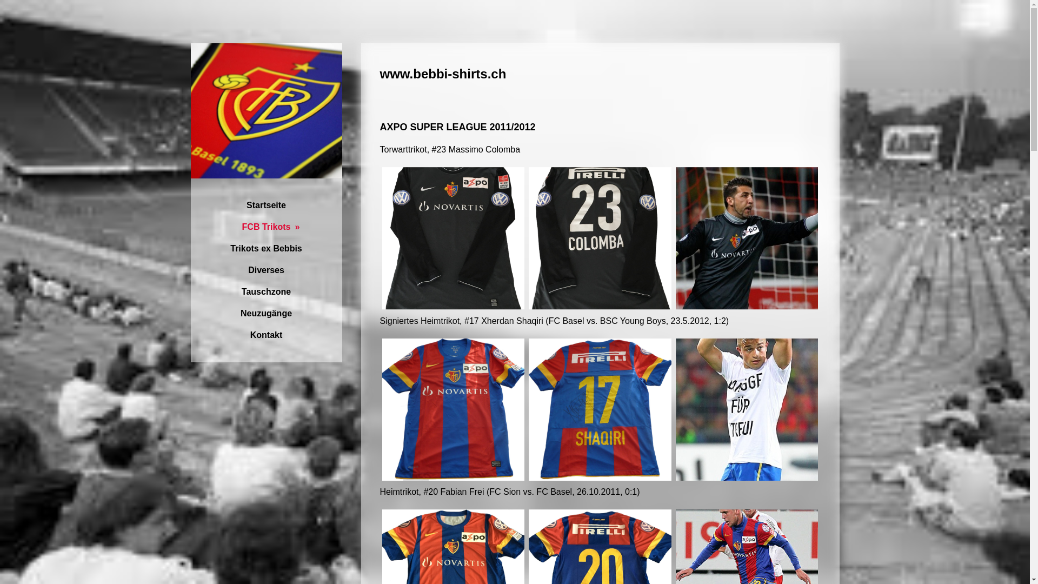 Image resolution: width=1038 pixels, height=584 pixels. What do you see at coordinates (190, 292) in the screenshot?
I see `'Tauschzone'` at bounding box center [190, 292].